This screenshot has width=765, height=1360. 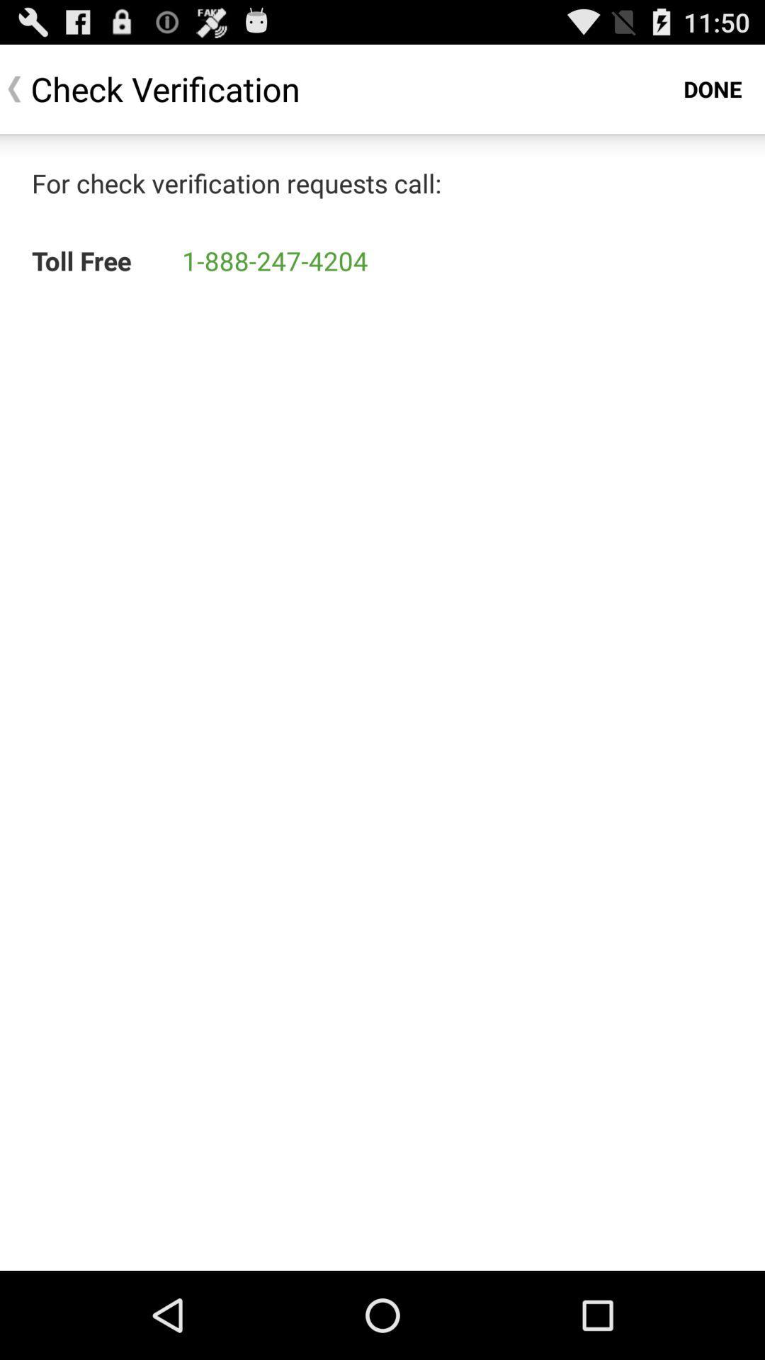 What do you see at coordinates (713, 88) in the screenshot?
I see `item to the right of check verification item` at bounding box center [713, 88].